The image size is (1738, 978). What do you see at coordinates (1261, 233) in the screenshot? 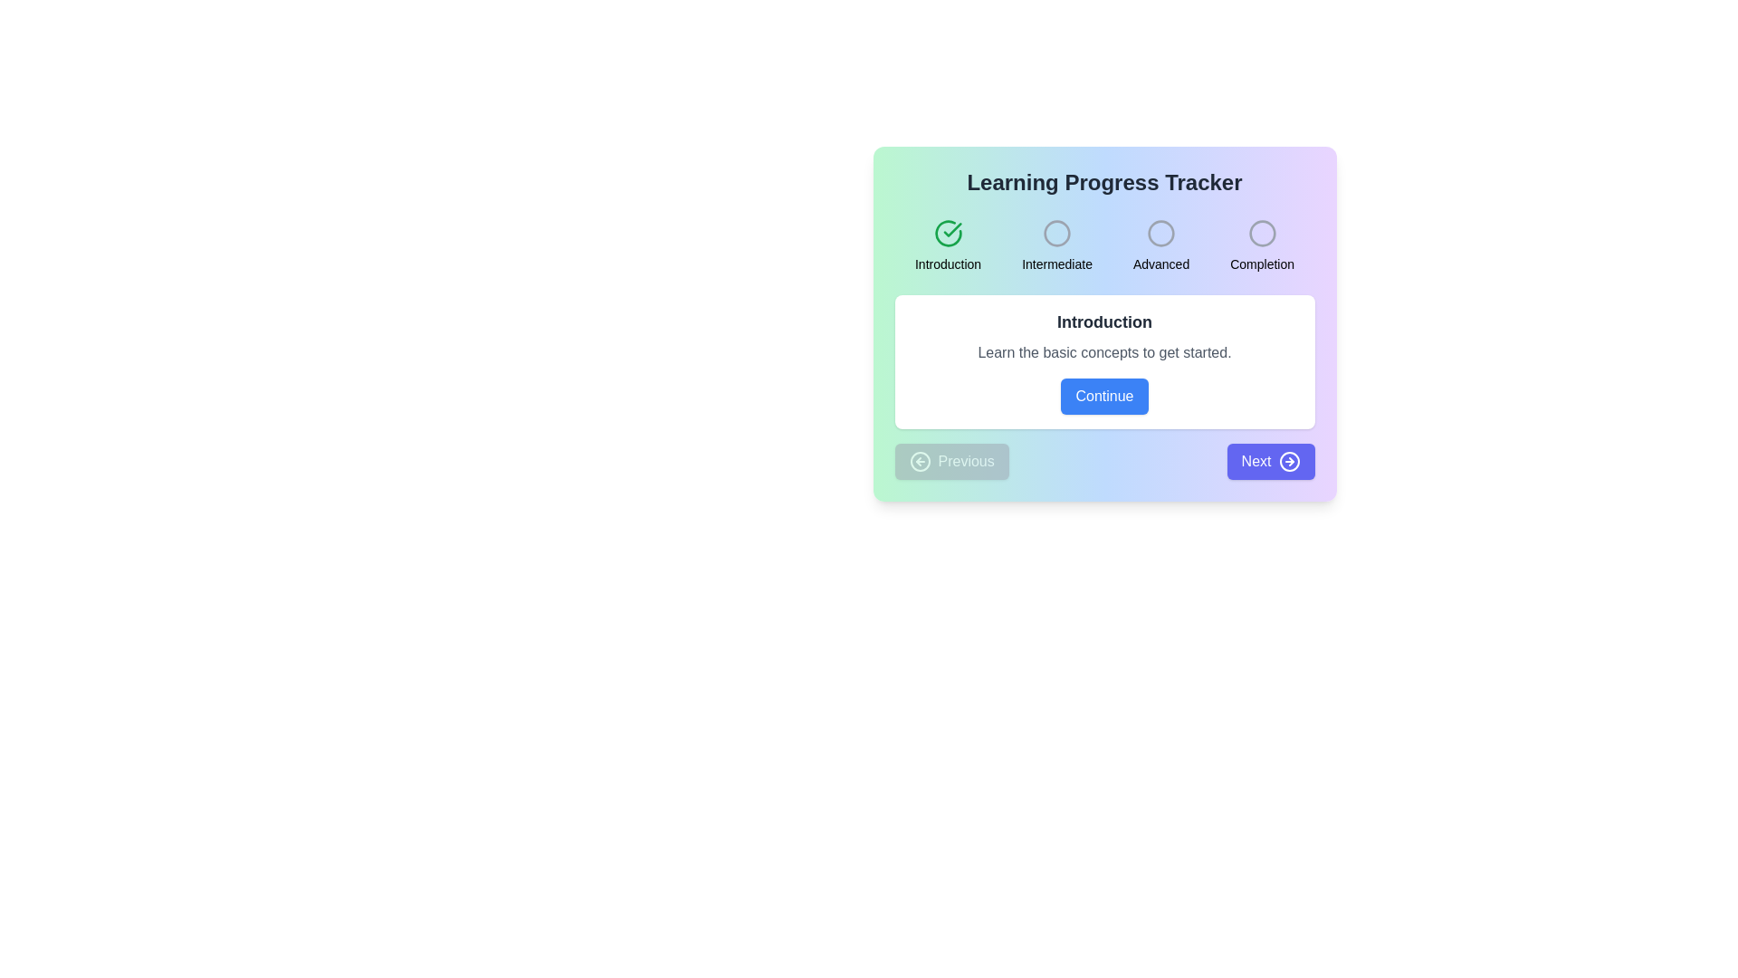
I see `the fourth icon in the progress tracker, which indicates the completion stage and is aligned with the 'Completion' label below it` at bounding box center [1261, 233].